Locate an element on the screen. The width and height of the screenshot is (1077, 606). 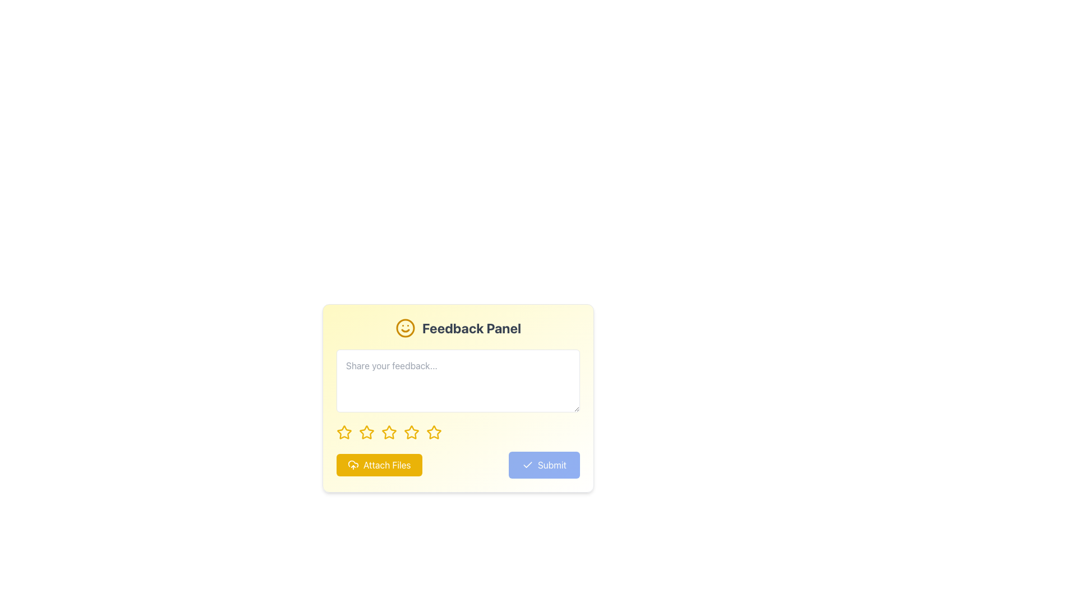
the second clickable star icon from the left, which is a vibrant yellow star used for rating purposes, to rate it is located at coordinates (366, 432).